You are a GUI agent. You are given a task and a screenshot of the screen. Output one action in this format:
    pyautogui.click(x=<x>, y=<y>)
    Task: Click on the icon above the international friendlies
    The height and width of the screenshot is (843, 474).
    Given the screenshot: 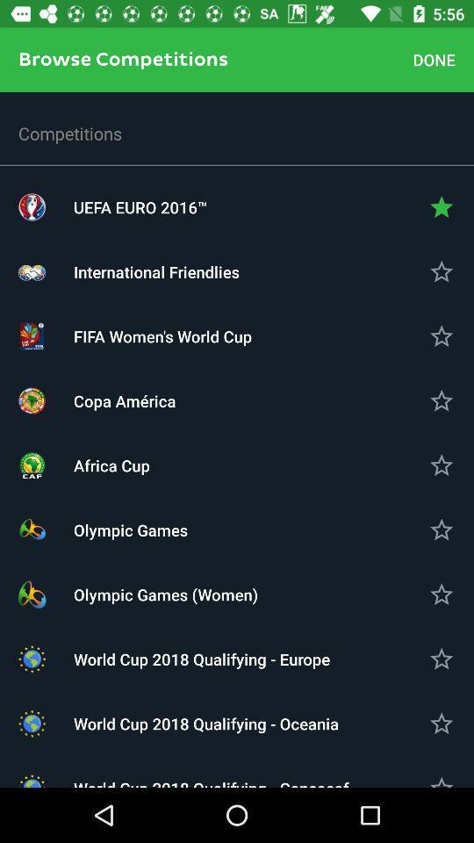 What is the action you would take?
    pyautogui.click(x=237, y=207)
    